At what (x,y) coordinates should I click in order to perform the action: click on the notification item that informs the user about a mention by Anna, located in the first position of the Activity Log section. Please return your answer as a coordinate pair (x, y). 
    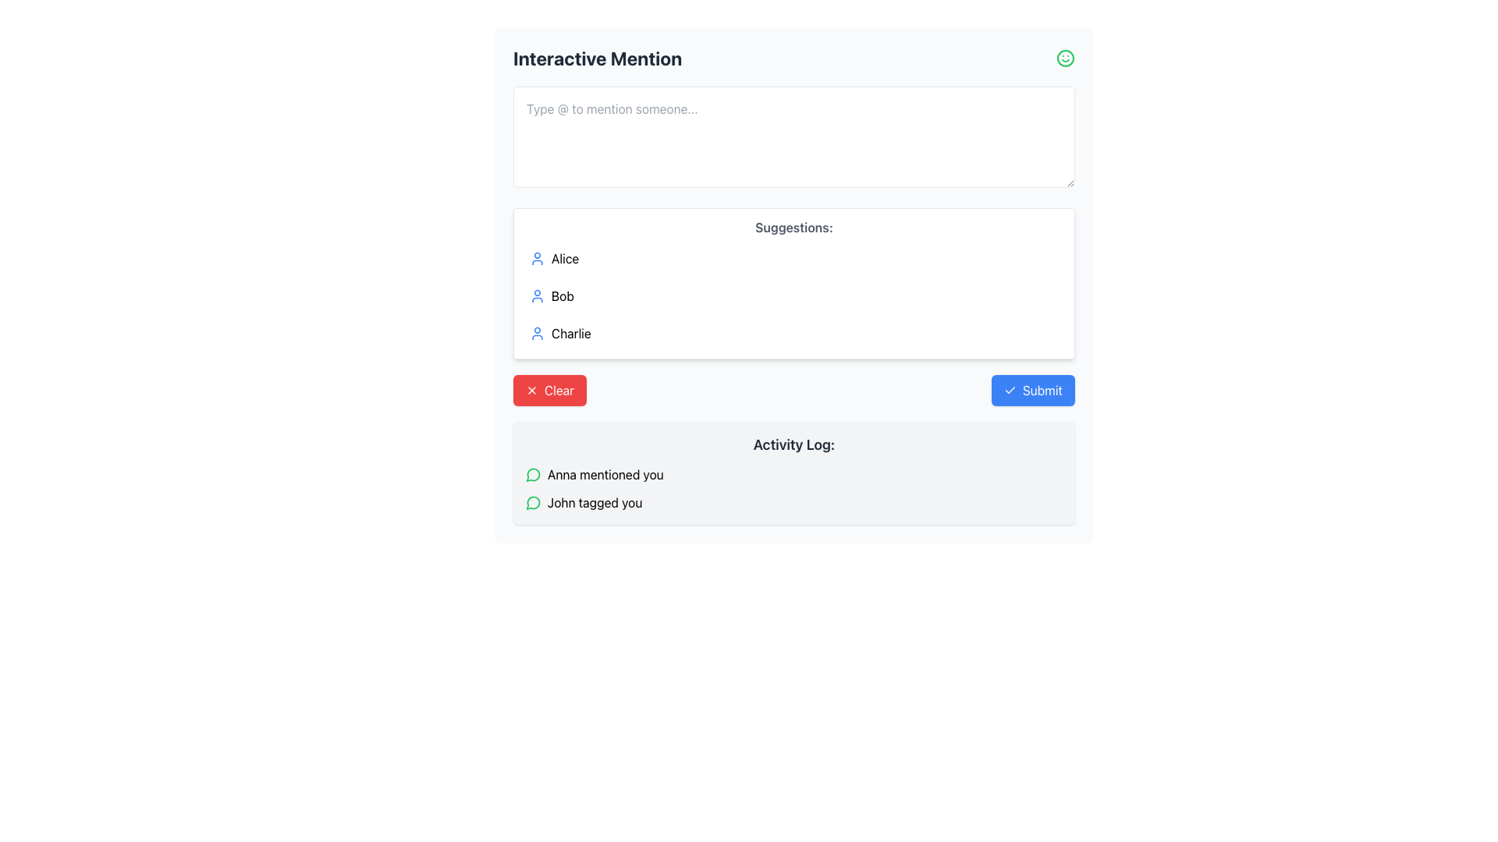
    Looking at the image, I should click on (793, 474).